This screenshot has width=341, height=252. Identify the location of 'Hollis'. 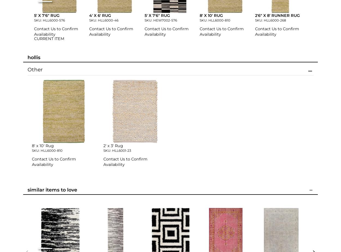
(34, 57).